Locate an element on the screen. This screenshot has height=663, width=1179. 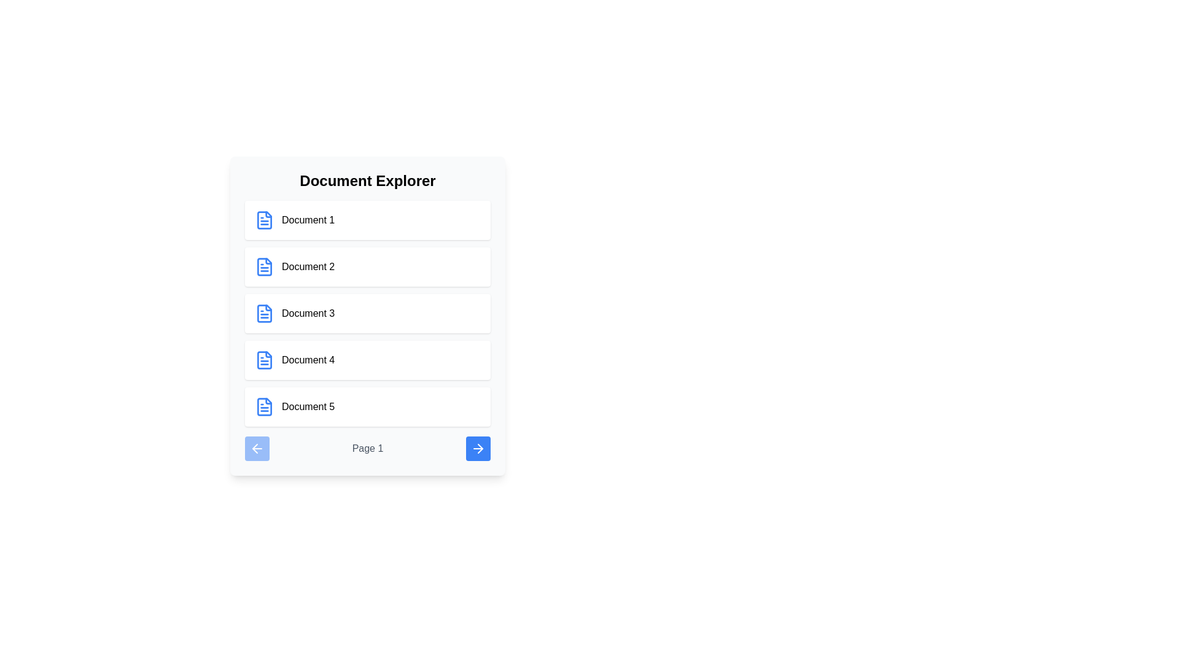
the selectable document item labeled 'Document 4' in the 'Document Explorer' is located at coordinates (367, 359).